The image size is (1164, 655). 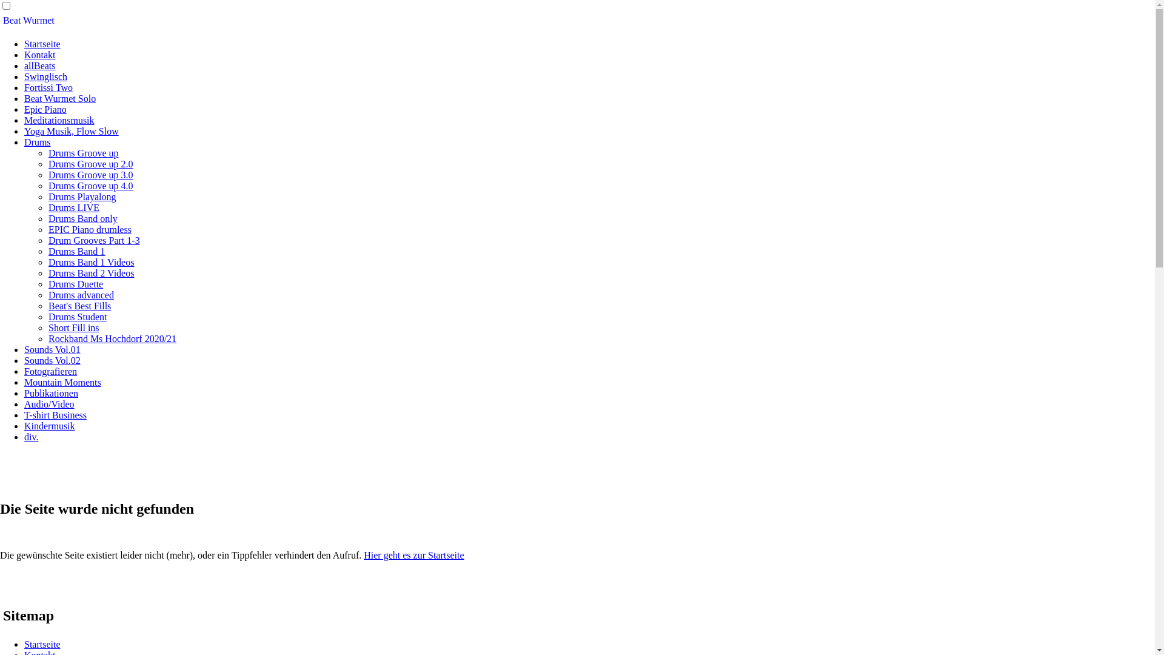 What do you see at coordinates (24, 76) in the screenshot?
I see `'Swinglisch'` at bounding box center [24, 76].